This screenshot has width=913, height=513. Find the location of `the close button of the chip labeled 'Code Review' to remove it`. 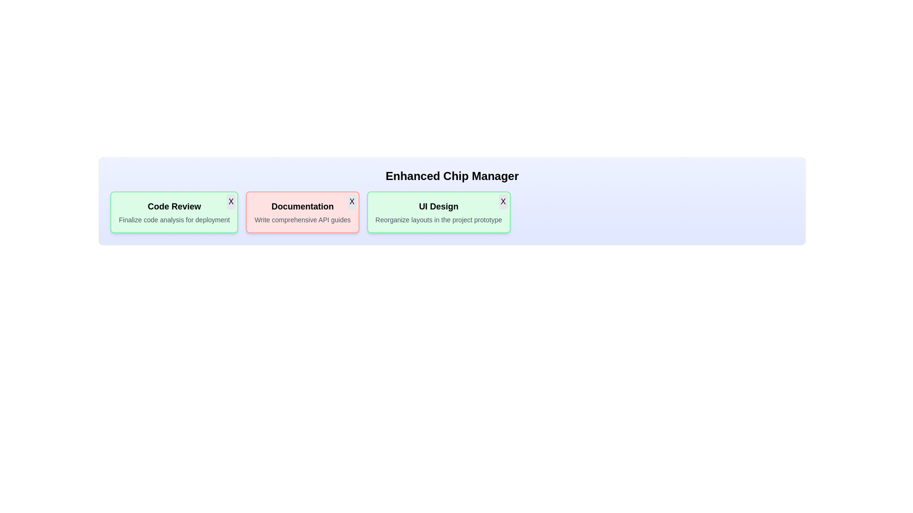

the close button of the chip labeled 'Code Review' to remove it is located at coordinates (231, 201).